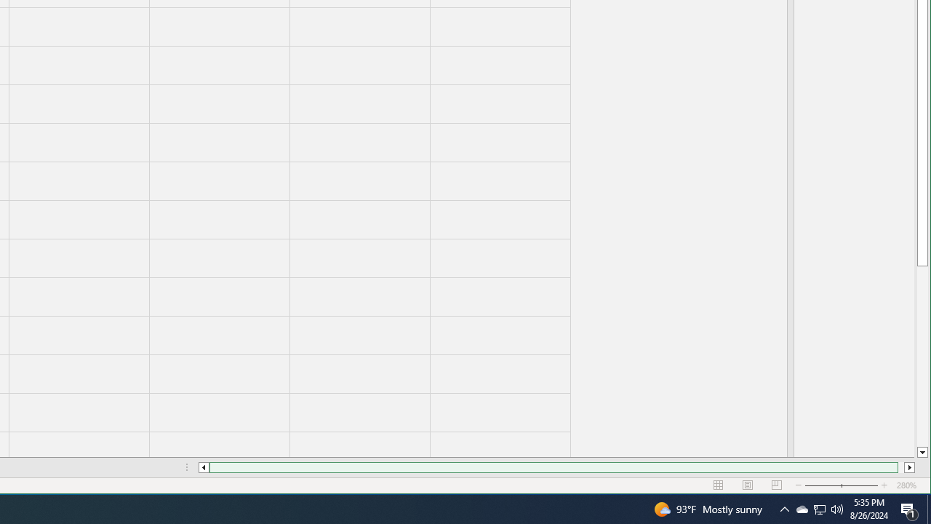  I want to click on 'Q2790: 100%', so click(837, 508).